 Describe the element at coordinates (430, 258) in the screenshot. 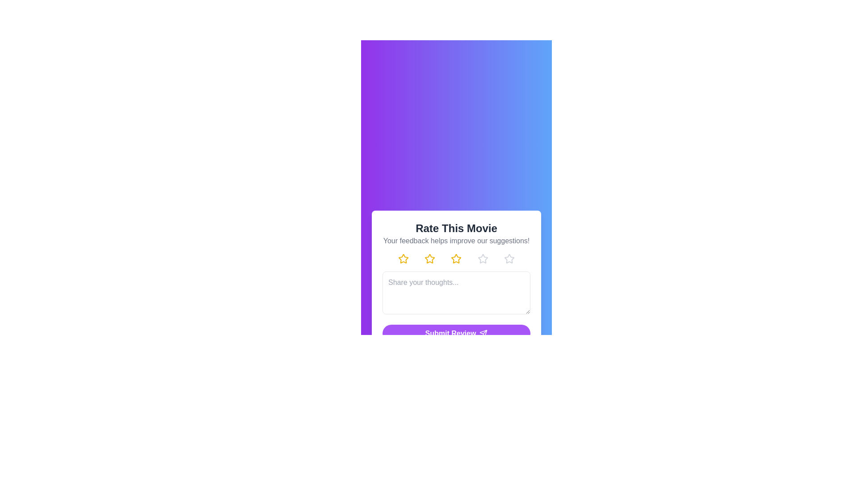

I see `the second star icon in the rating component below 'Rate This Movie' for accessibility purposes` at that location.